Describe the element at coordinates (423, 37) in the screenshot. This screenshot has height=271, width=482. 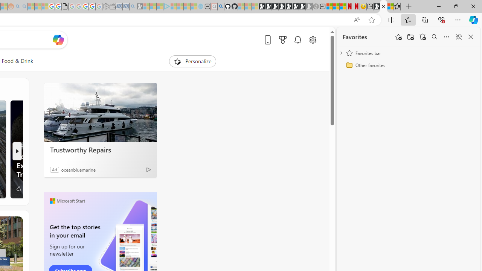
I see `'Restore deleted favorites'` at that location.